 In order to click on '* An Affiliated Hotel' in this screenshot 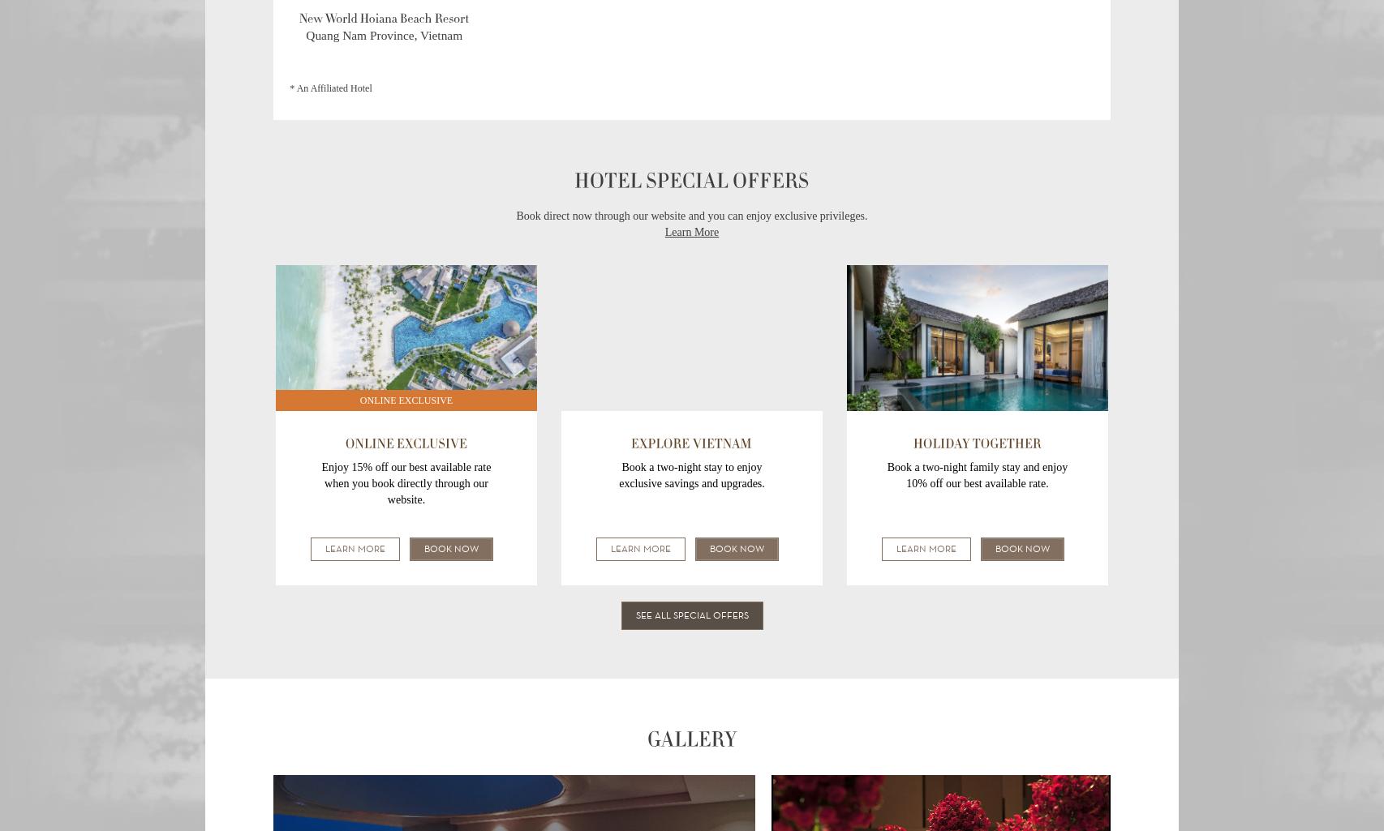, I will do `click(330, 88)`.